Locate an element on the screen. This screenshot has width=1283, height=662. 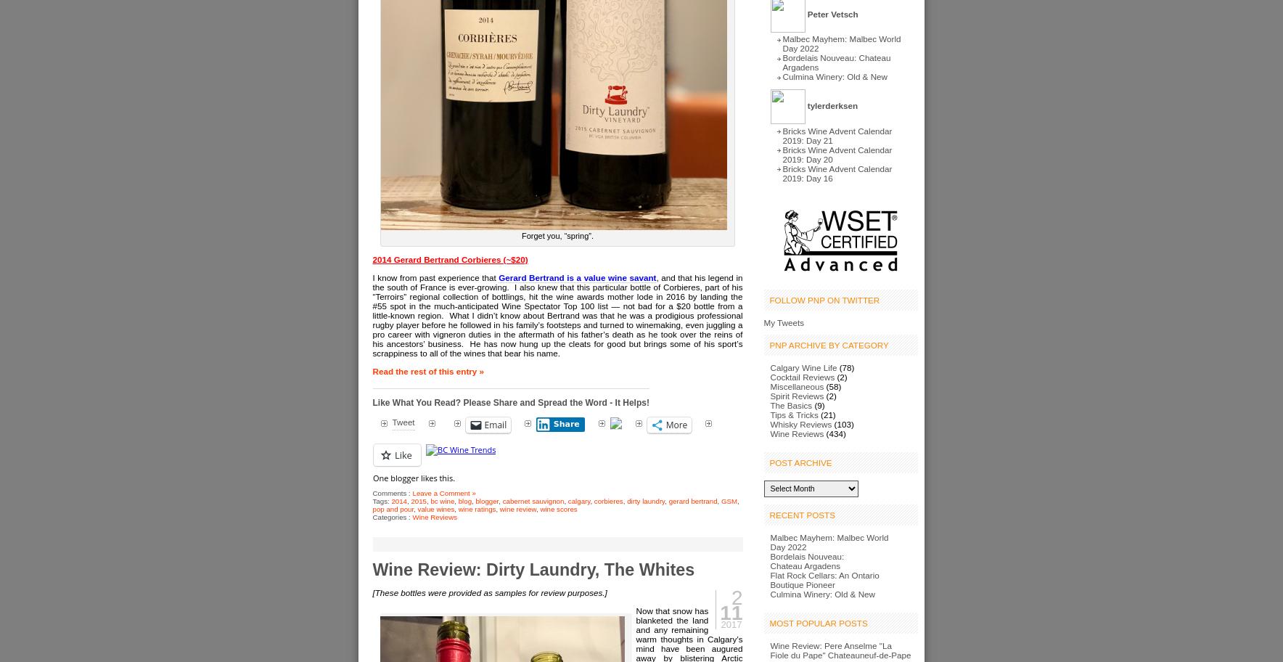
'2014' is located at coordinates (390, 501).